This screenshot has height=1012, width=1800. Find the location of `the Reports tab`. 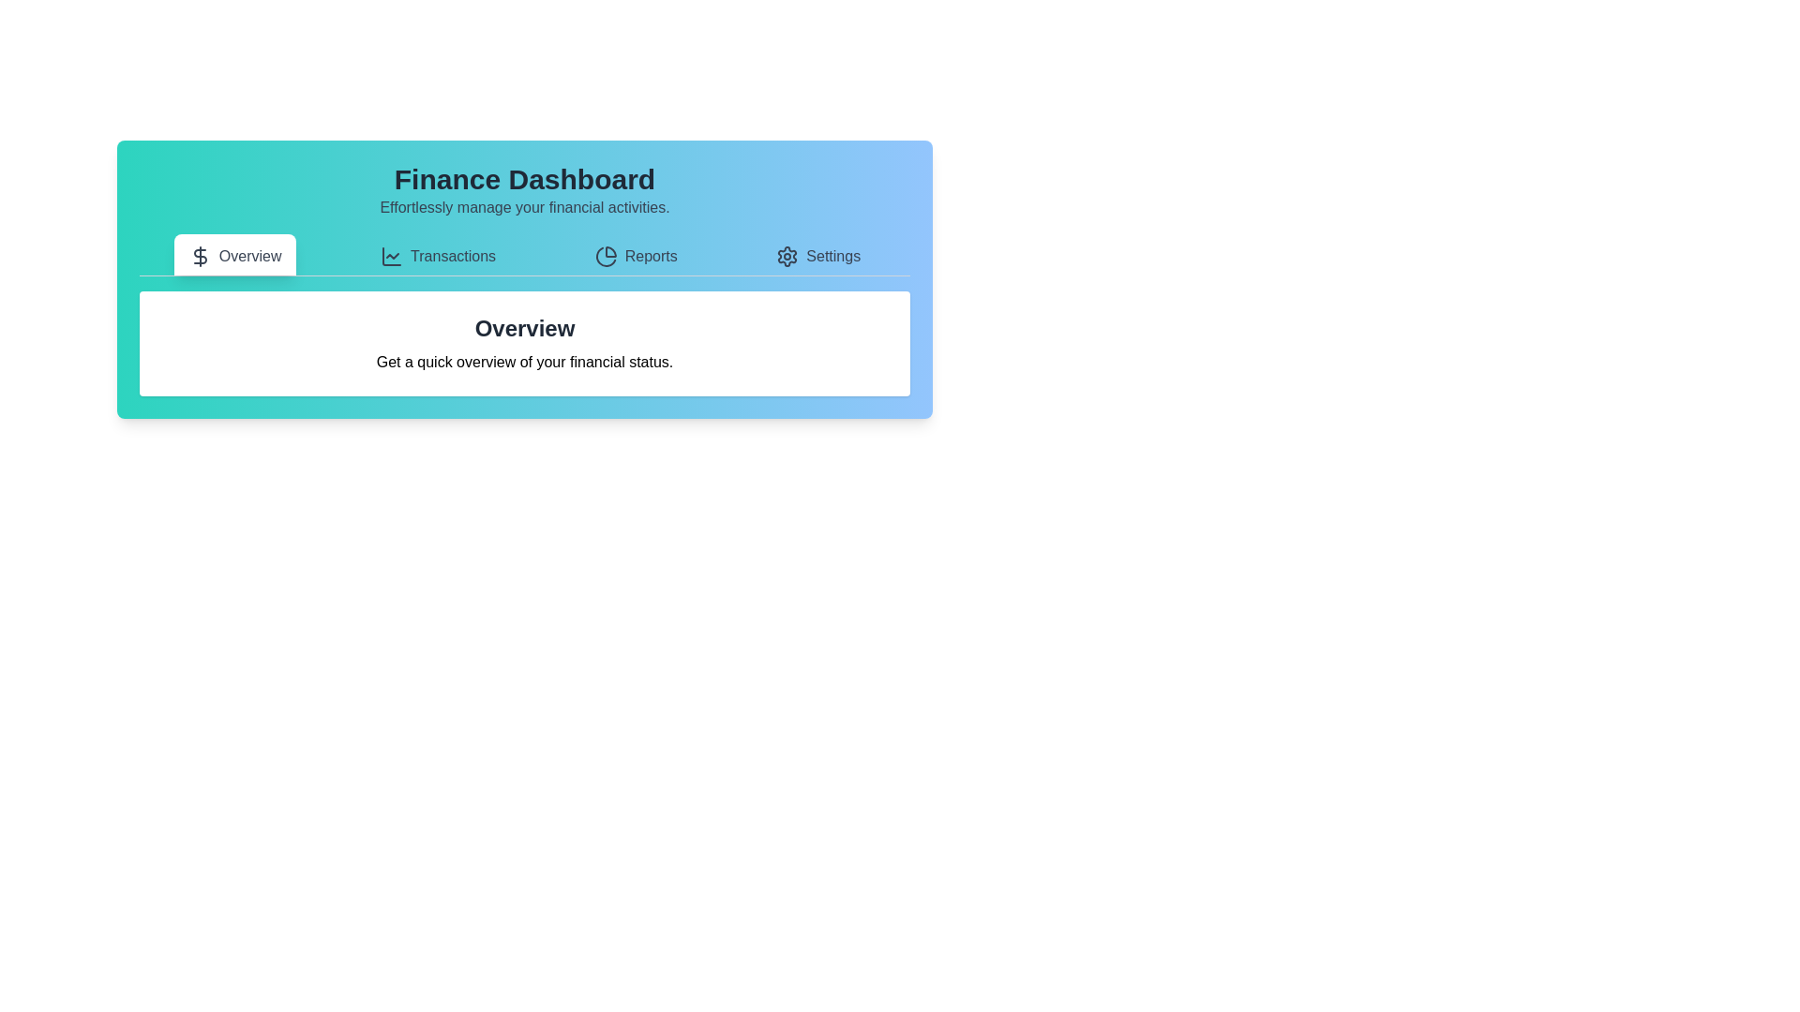

the Reports tab is located at coordinates (635, 255).